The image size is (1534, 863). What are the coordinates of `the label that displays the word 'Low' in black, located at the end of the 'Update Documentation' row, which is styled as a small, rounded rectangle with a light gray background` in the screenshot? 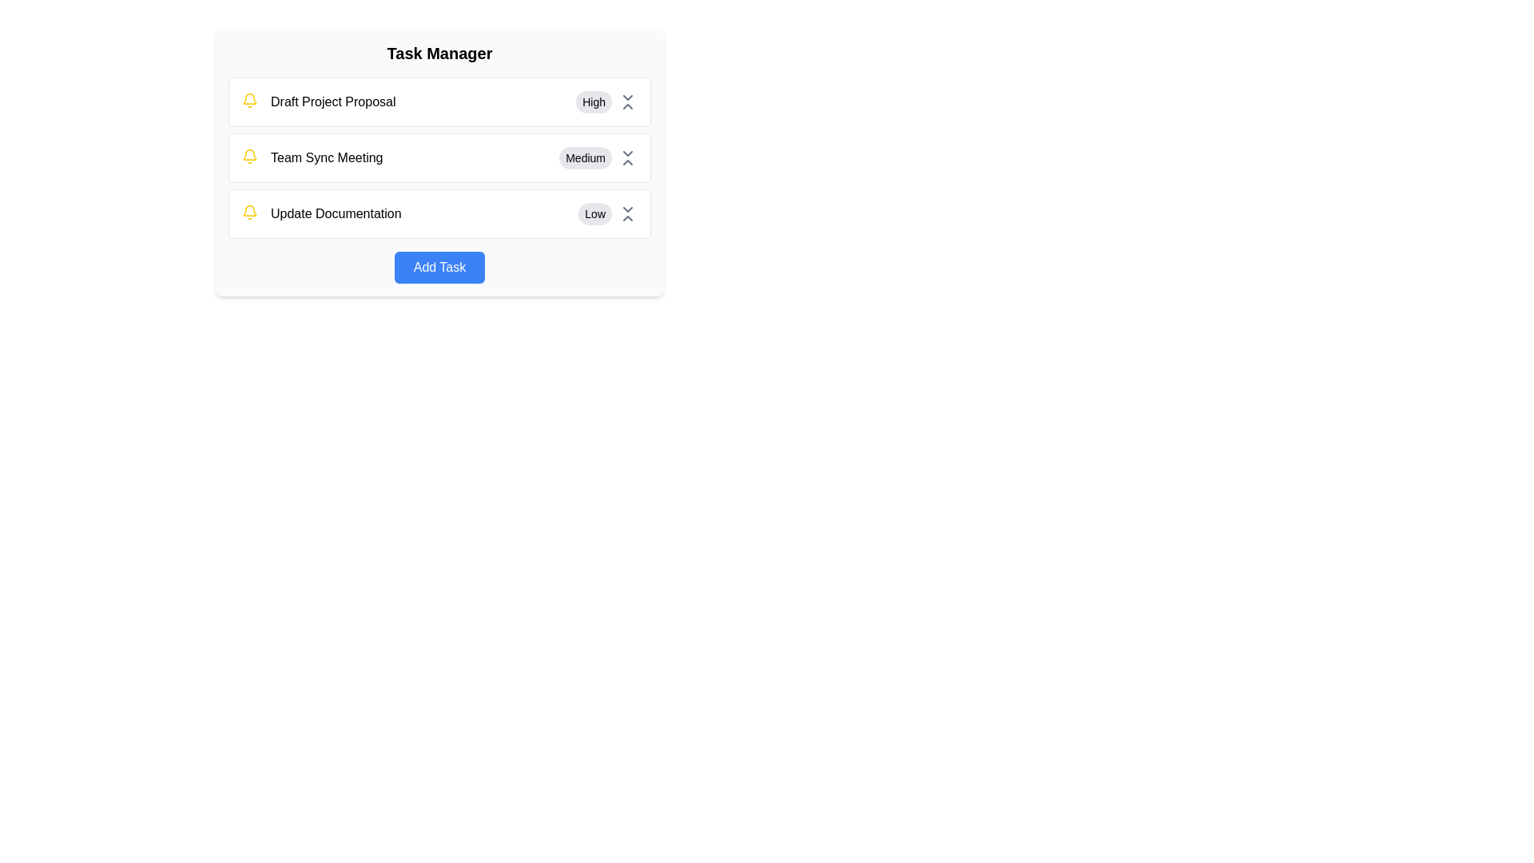 It's located at (594, 213).